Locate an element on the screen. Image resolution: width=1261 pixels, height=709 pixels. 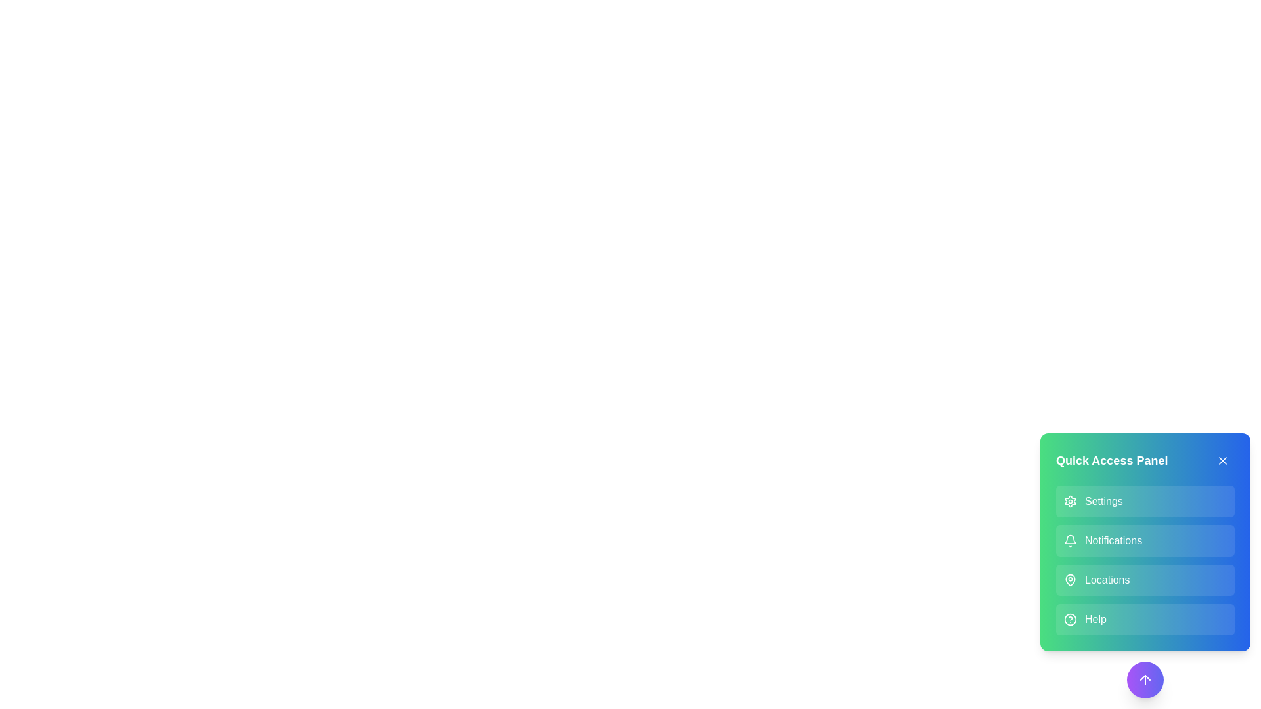
the Header text label that serves as a header for the menu or panel, positioned above the 'Settings' option and to the left of the close ('X') icon is located at coordinates (1144, 460).